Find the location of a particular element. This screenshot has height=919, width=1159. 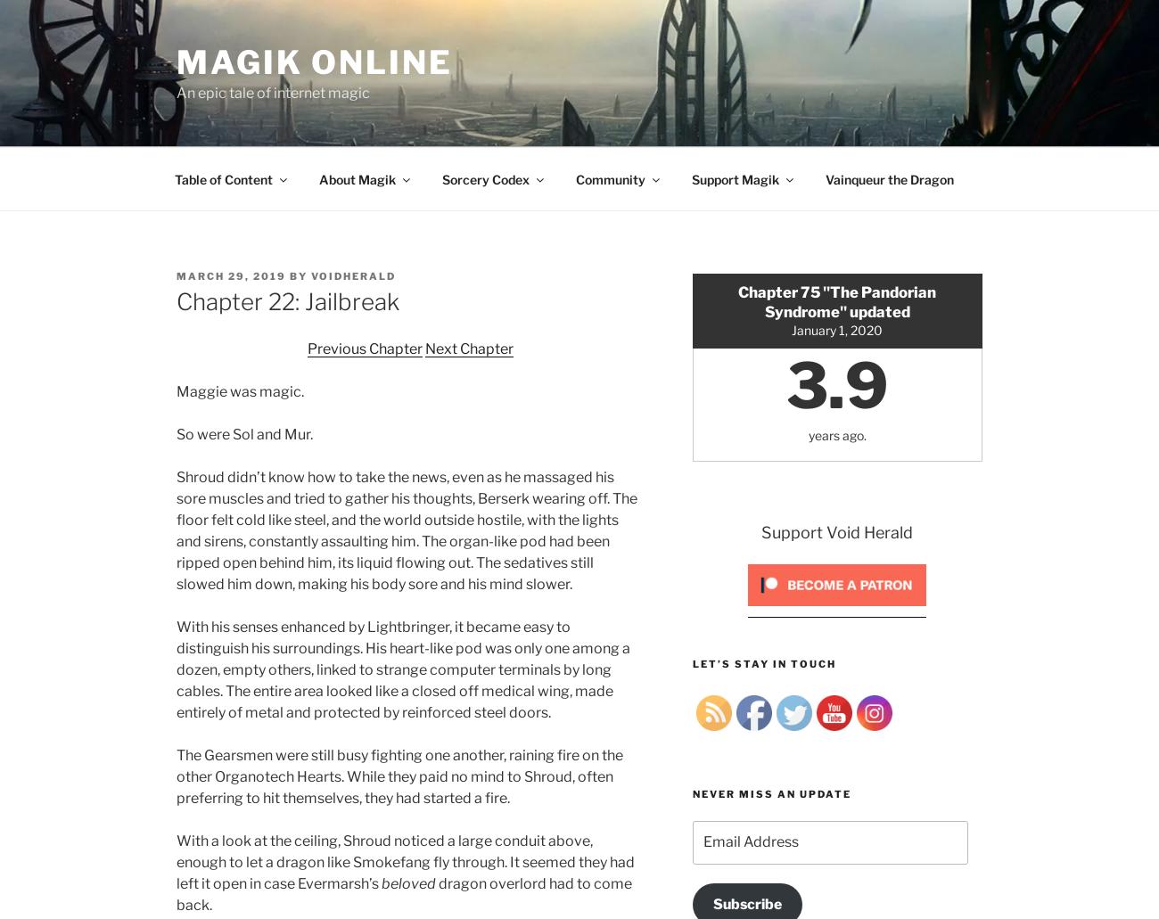

'Chapter 75 "The Pandorian Syndrome" updated' is located at coordinates (836, 300).